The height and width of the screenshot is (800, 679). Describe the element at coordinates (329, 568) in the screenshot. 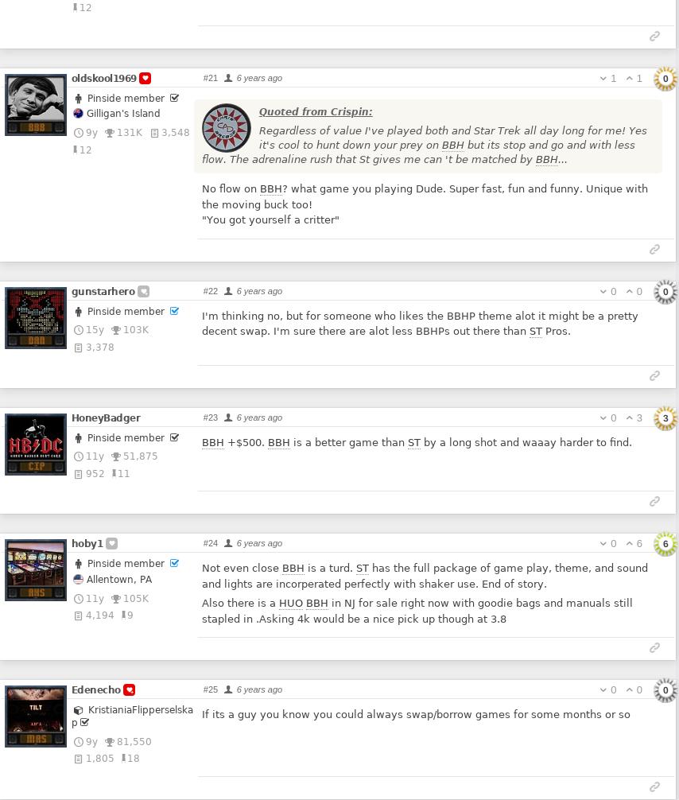

I see `'is a turd.'` at that location.